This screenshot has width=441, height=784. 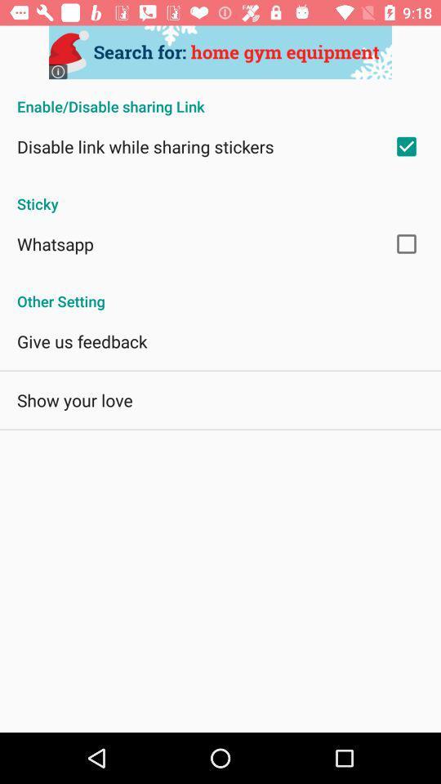 I want to click on the give us feedback icon, so click(x=81, y=341).